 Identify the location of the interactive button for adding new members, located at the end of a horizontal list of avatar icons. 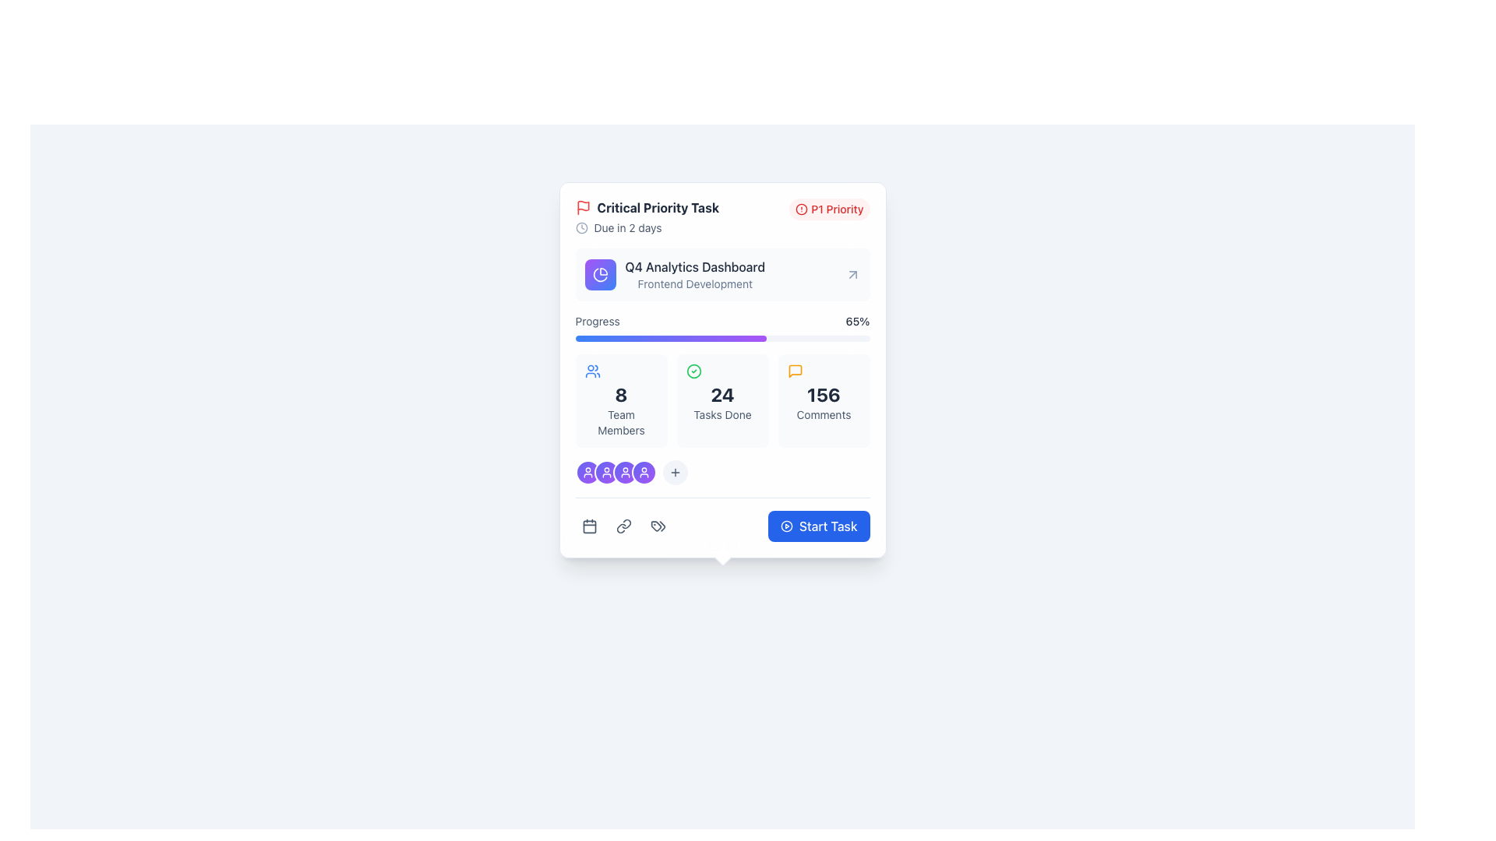
(675, 471).